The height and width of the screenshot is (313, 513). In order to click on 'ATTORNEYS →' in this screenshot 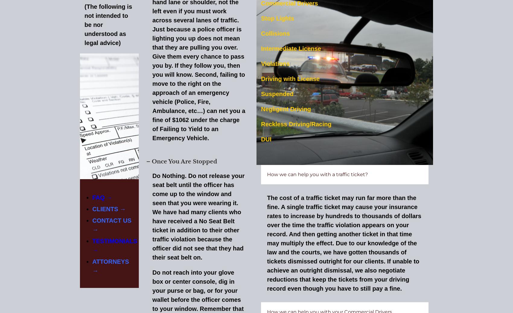, I will do `click(110, 266)`.